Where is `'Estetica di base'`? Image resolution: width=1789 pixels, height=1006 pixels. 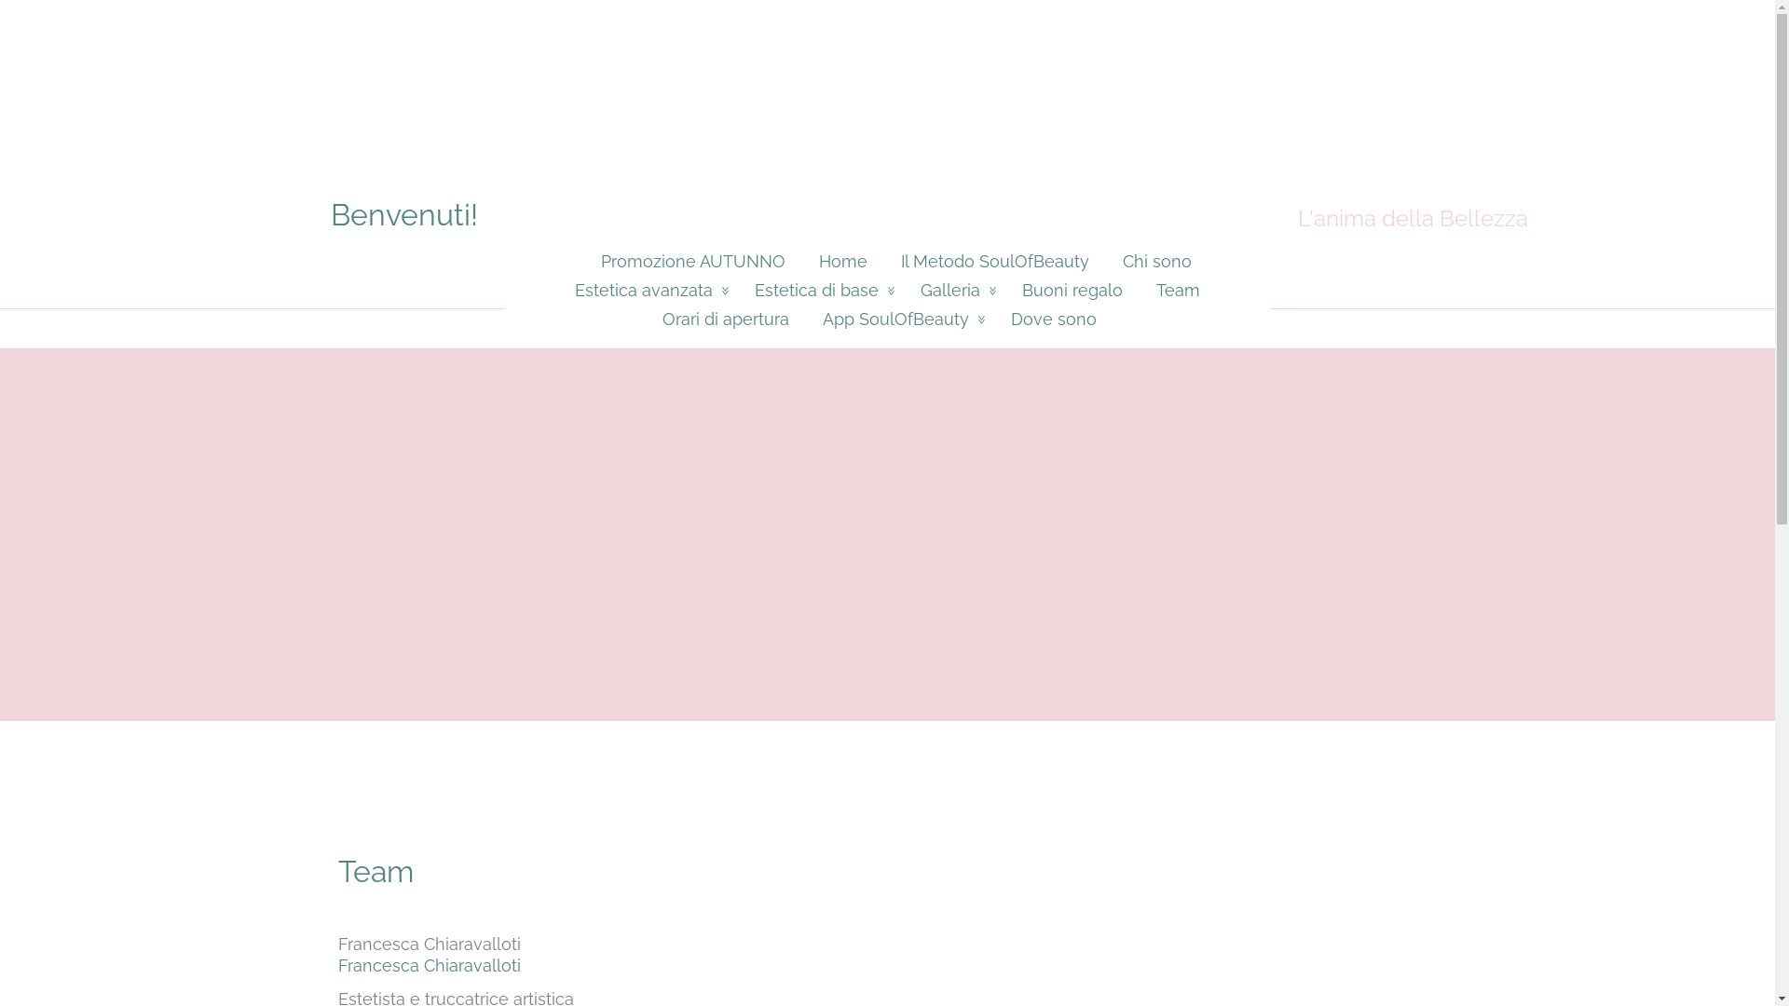
'Estetica di base' is located at coordinates (820, 290).